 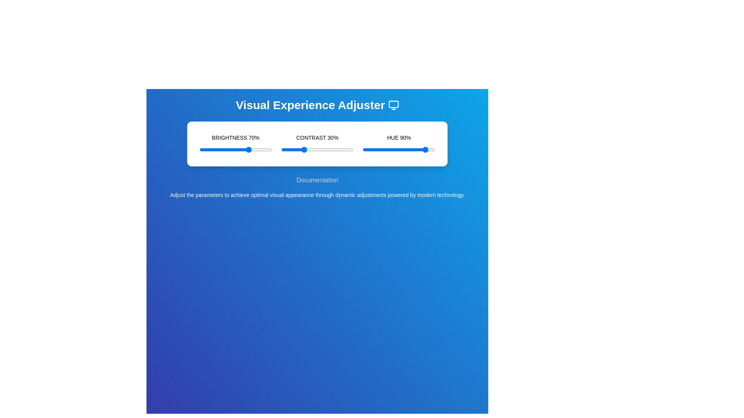 I want to click on the hue slider to 9%, so click(x=369, y=149).